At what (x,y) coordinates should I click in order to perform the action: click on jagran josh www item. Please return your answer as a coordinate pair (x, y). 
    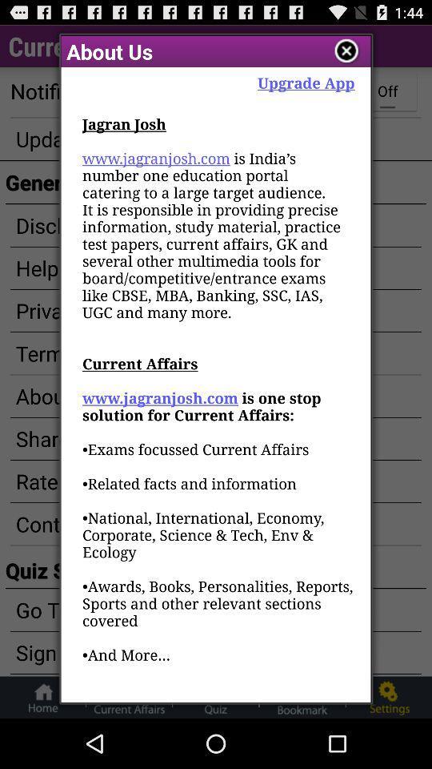
    Looking at the image, I should click on (218, 407).